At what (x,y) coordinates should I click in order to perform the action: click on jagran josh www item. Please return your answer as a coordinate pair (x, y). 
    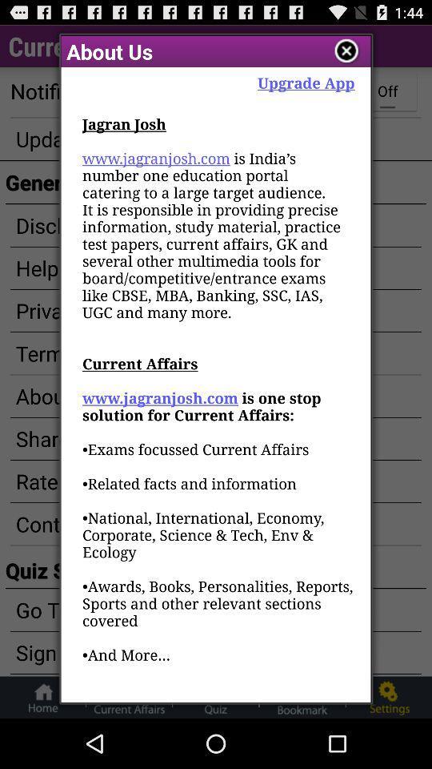
    Looking at the image, I should click on (218, 407).